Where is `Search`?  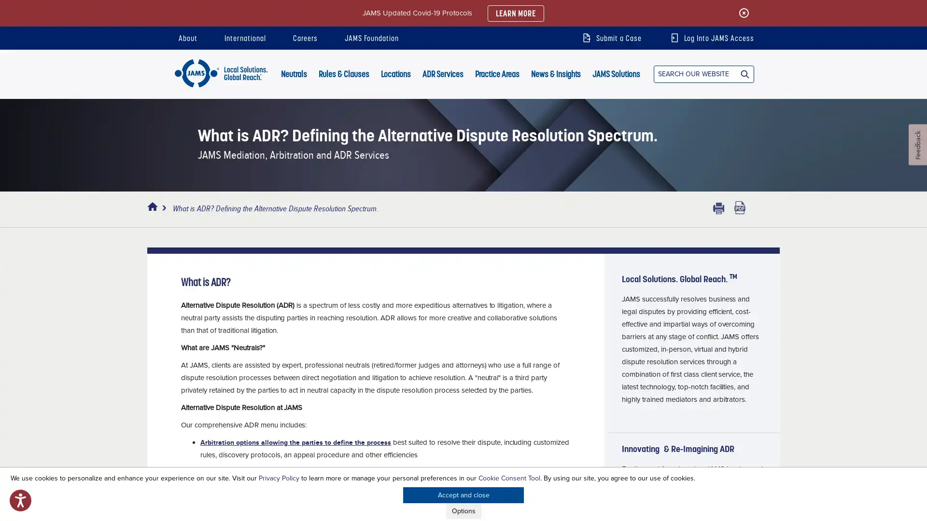 Search is located at coordinates (744, 73).